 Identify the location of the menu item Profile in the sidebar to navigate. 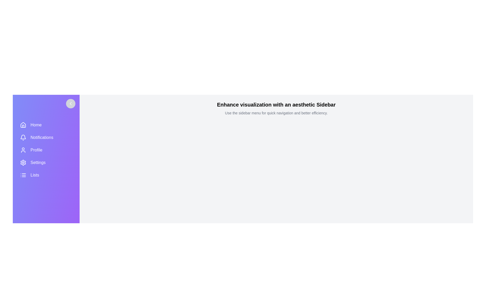
(46, 150).